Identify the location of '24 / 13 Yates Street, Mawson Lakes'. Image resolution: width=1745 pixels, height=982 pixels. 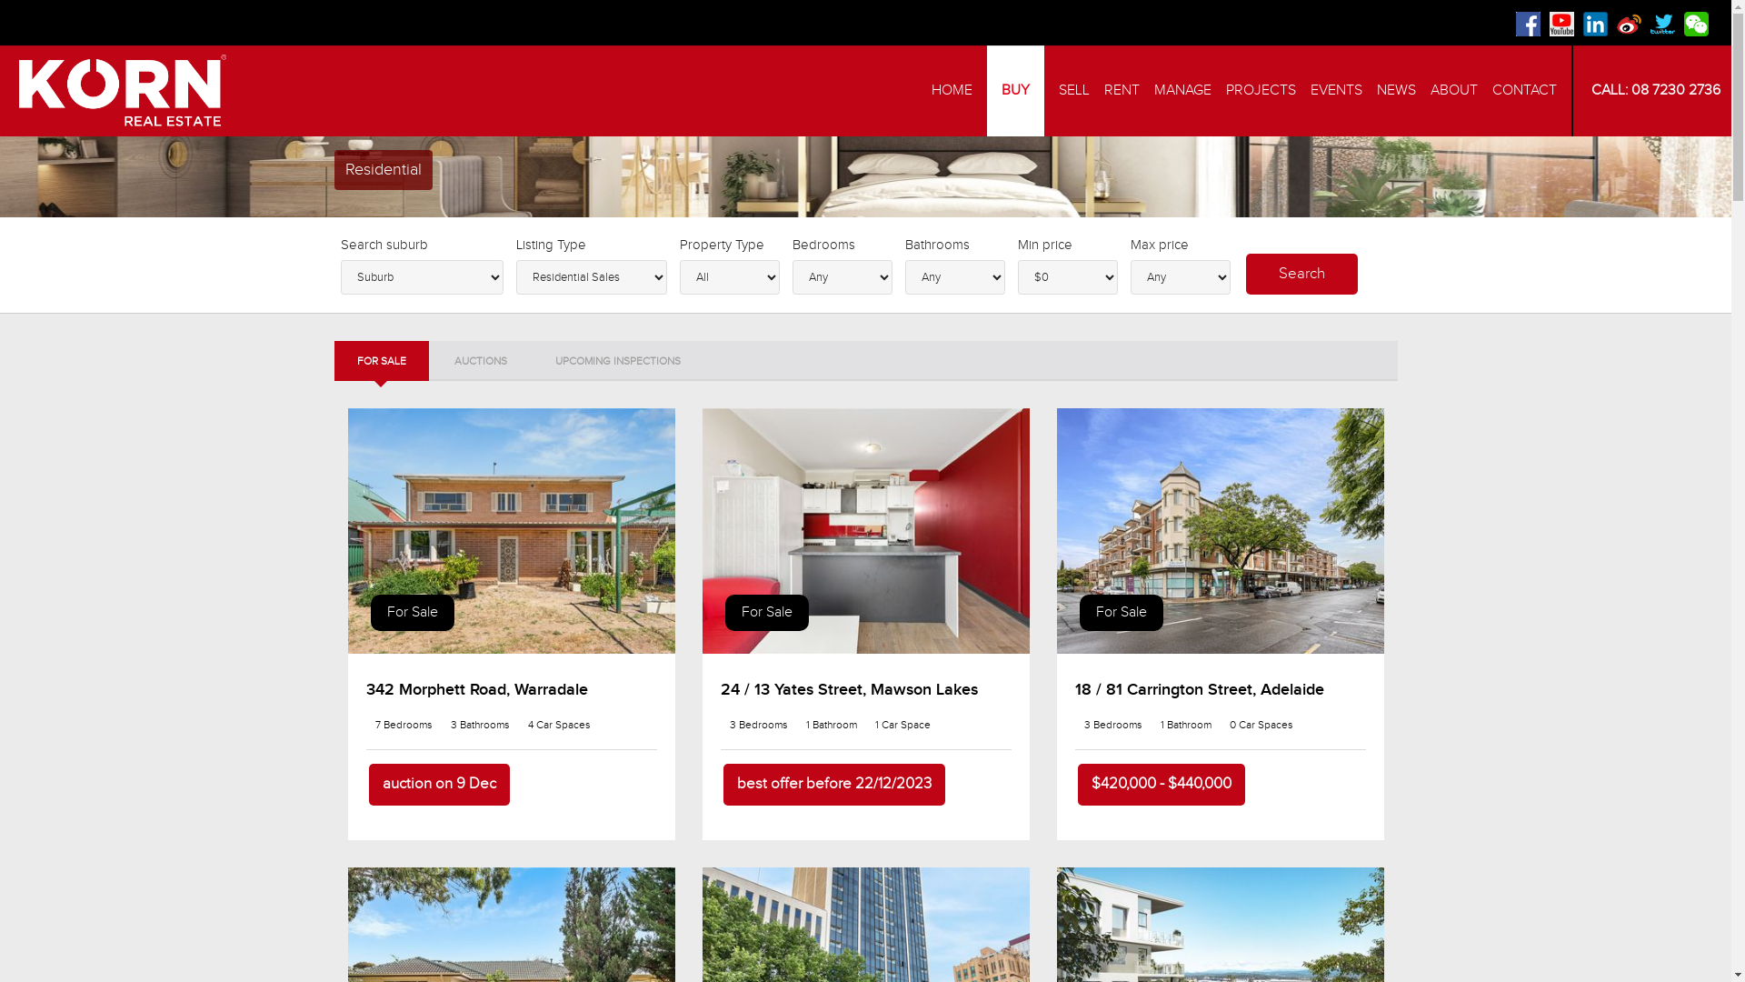
(847, 689).